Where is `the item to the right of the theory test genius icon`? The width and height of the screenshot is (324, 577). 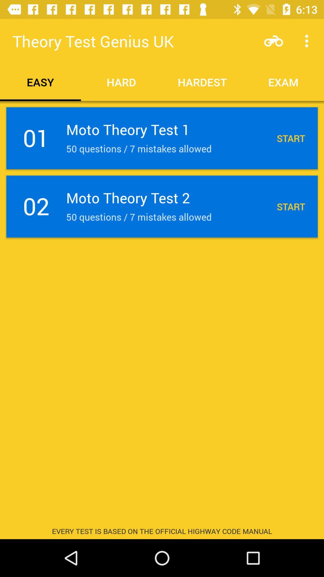 the item to the right of the theory test genius icon is located at coordinates (273, 41).